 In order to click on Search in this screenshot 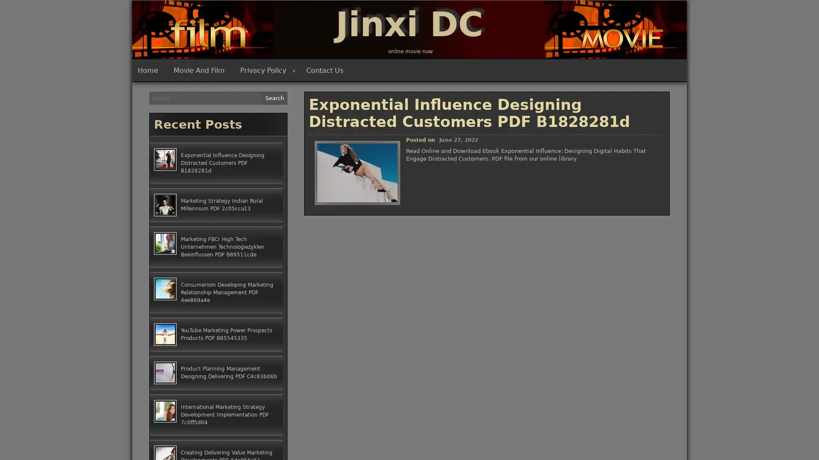, I will do `click(274, 98)`.